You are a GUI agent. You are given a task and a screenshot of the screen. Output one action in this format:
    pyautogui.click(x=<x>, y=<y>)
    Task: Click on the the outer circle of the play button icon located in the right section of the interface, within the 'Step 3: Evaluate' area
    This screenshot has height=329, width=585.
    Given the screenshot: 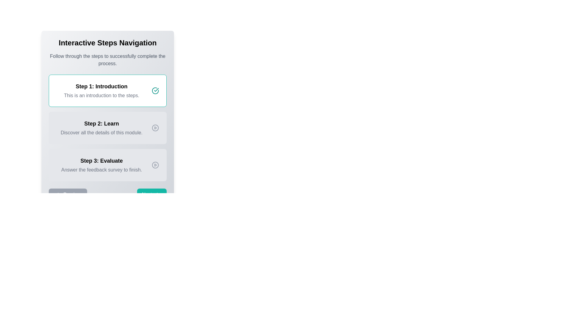 What is the action you would take?
    pyautogui.click(x=155, y=165)
    